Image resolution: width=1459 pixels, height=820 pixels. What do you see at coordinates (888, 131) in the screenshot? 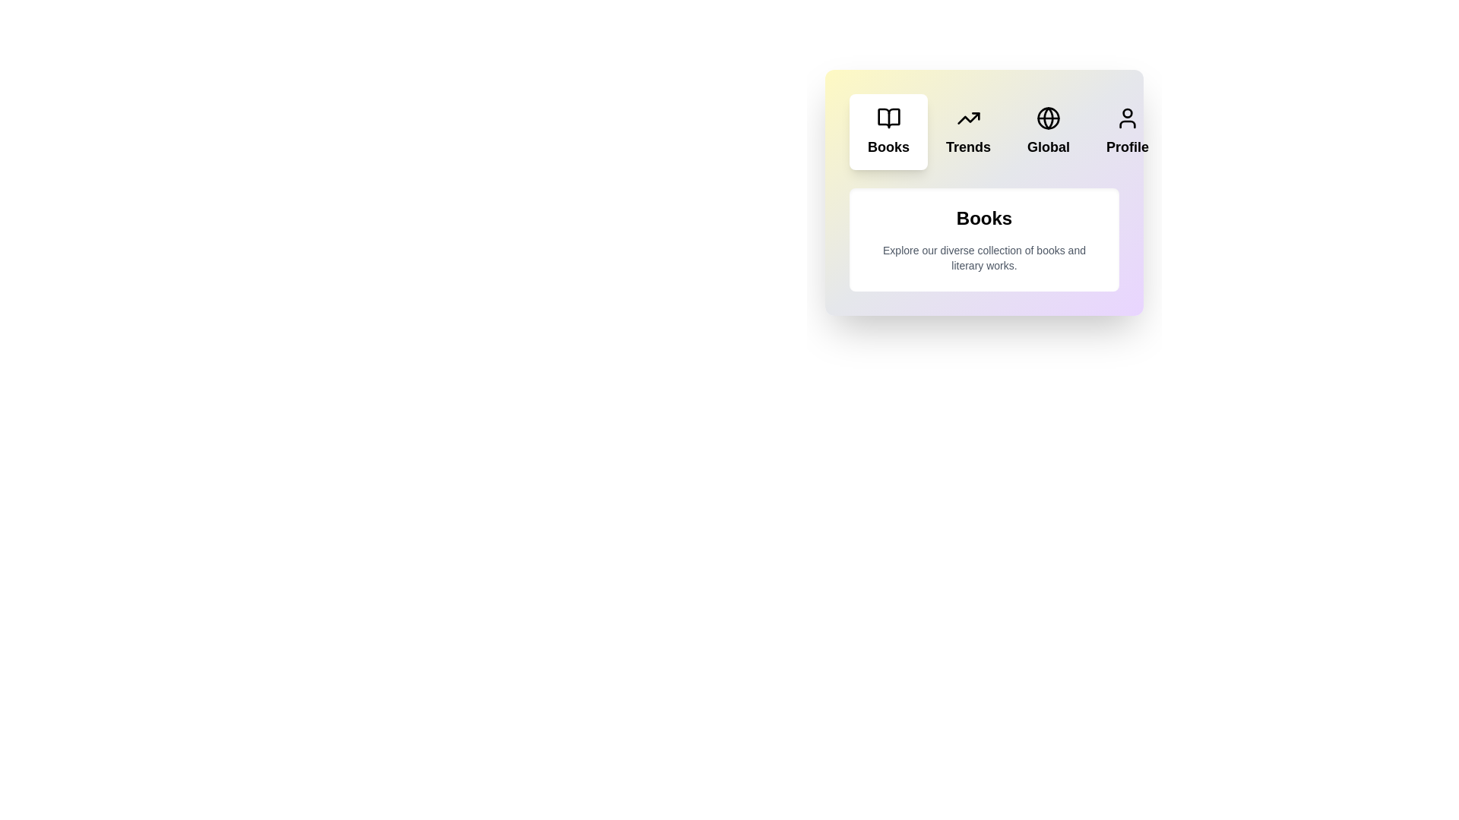
I see `the tab labeled Books` at bounding box center [888, 131].